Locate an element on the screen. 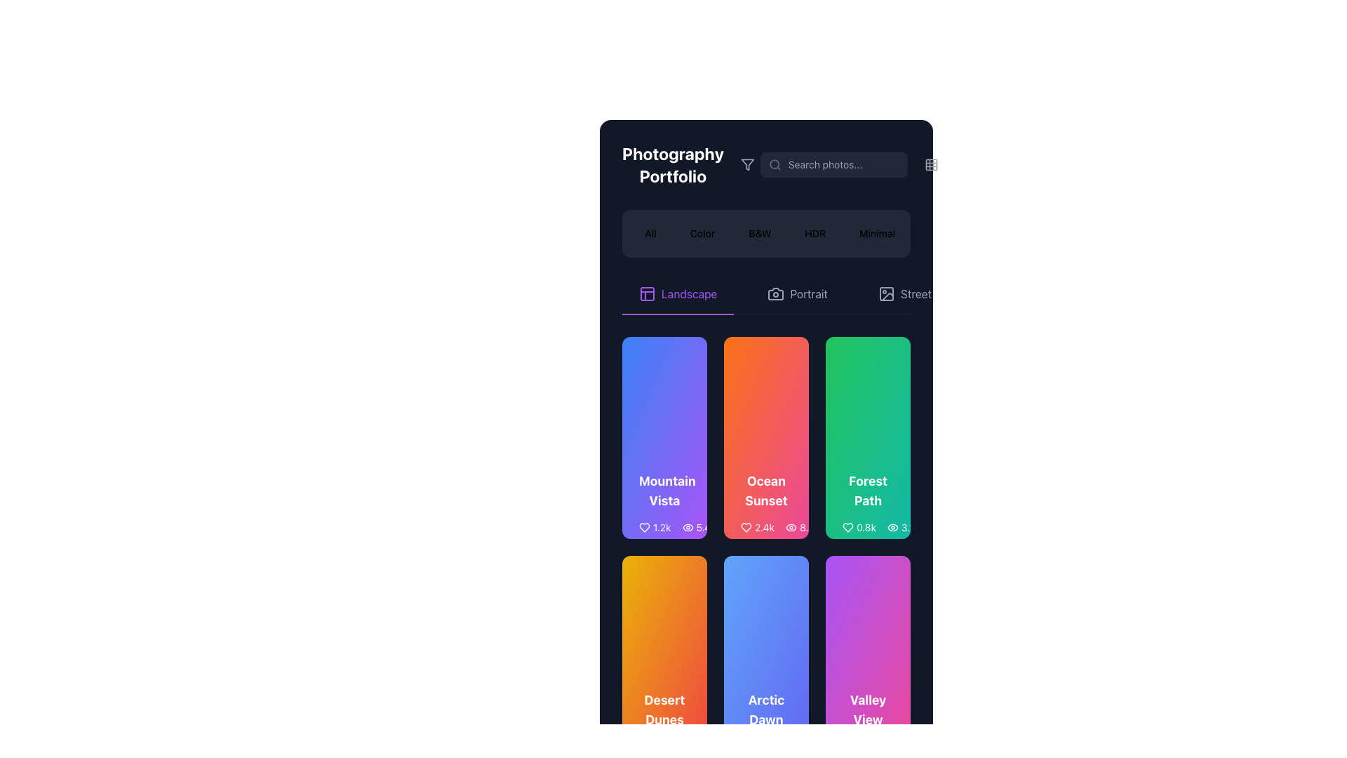 This screenshot has height=758, width=1347. the text label displaying '5.4k', which is styled in white and located below the main title on the second card in the first row of the grid layout is located at coordinates (699, 528).